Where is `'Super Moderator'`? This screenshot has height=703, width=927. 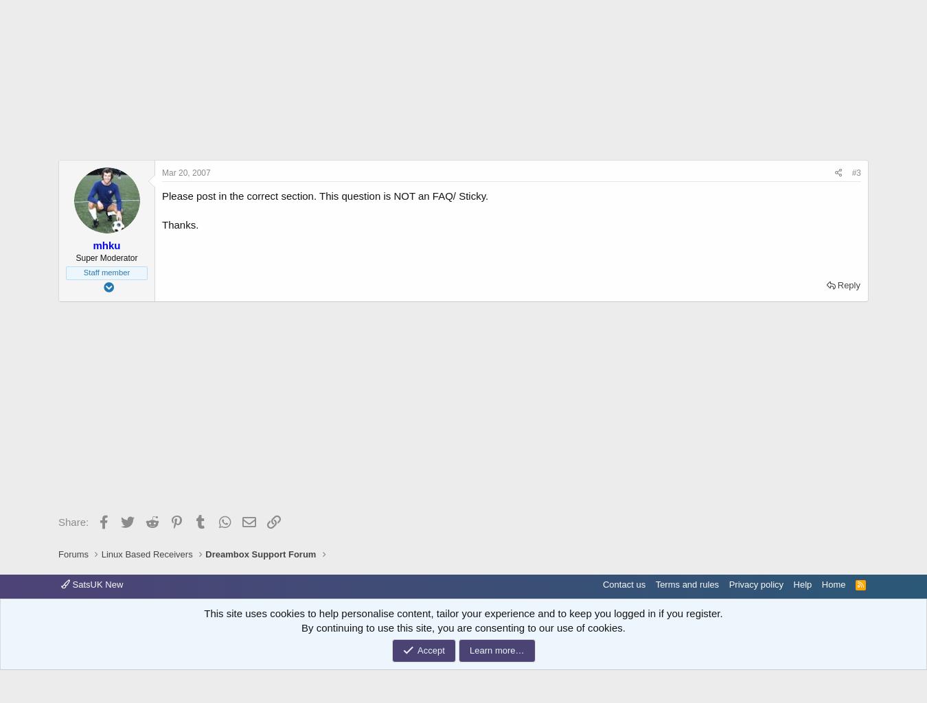 'Super Moderator' is located at coordinates (106, 258).